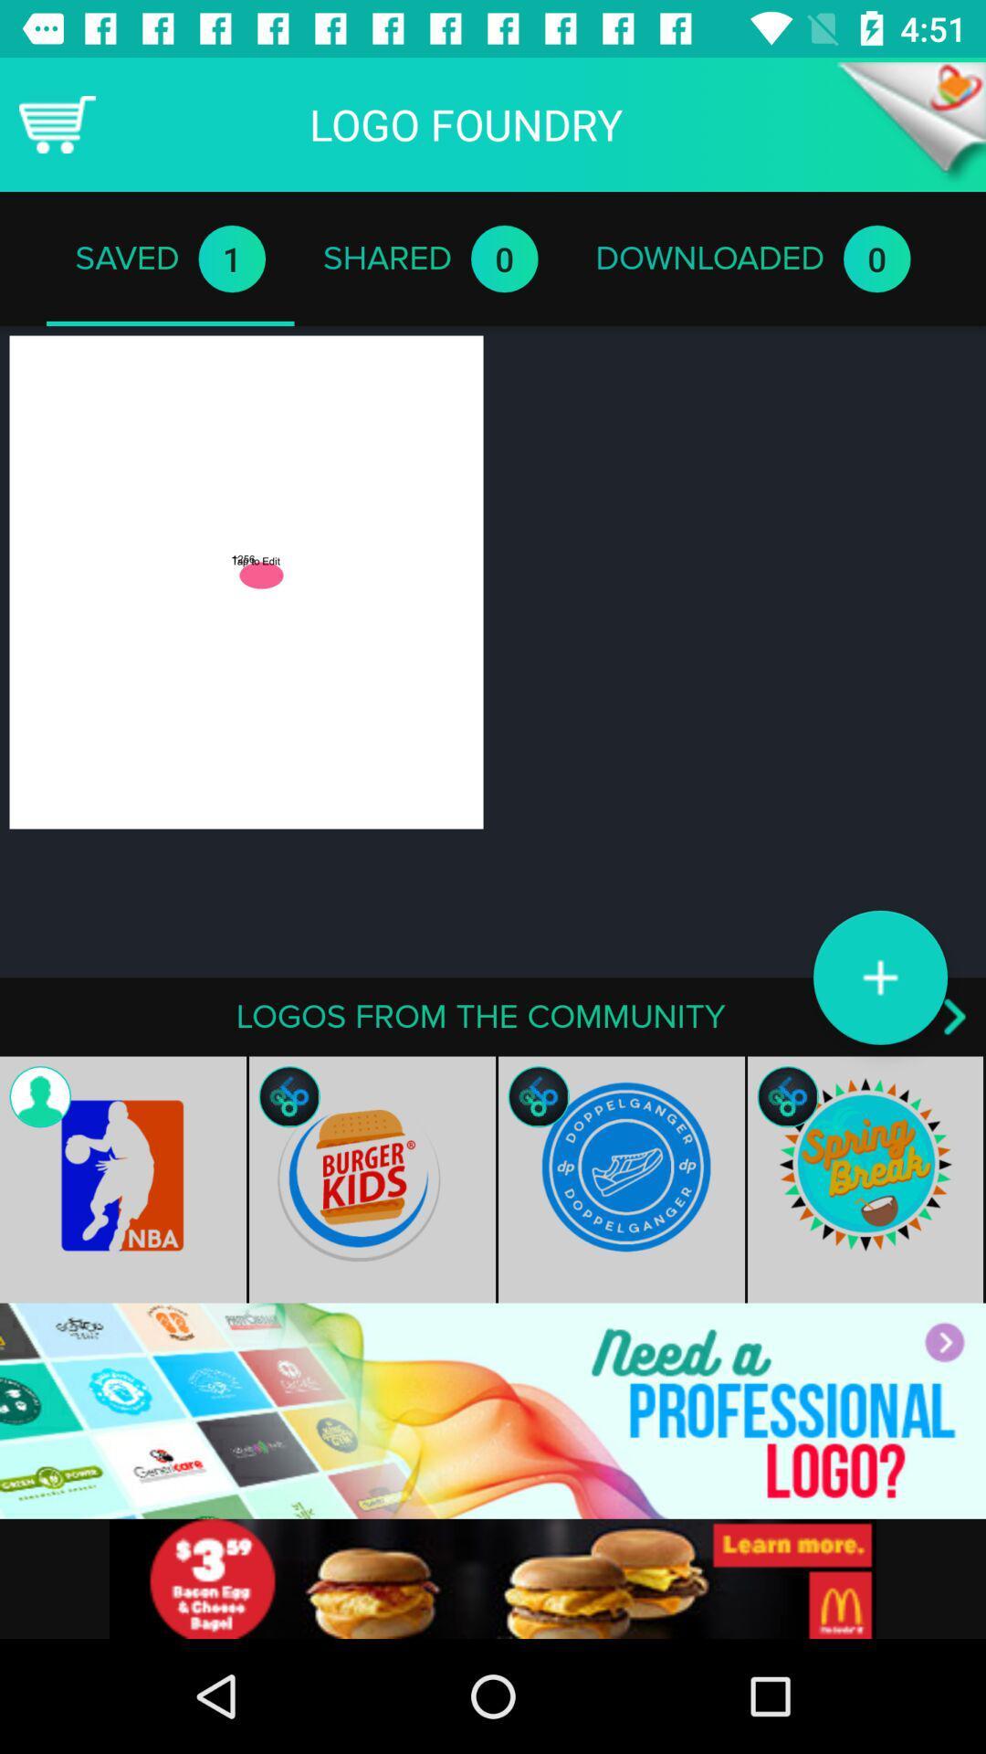 This screenshot has height=1754, width=986. What do you see at coordinates (56, 123) in the screenshot?
I see `shopping cart` at bounding box center [56, 123].